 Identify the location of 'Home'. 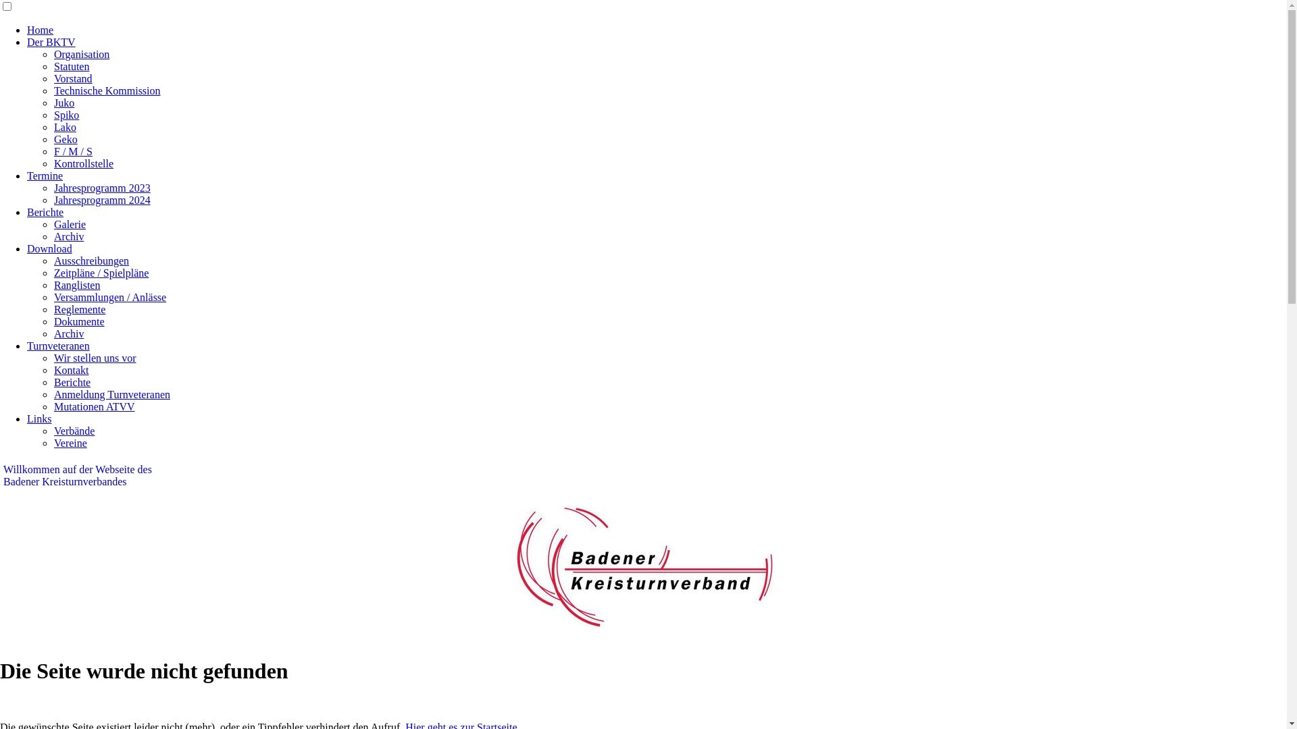
(26, 30).